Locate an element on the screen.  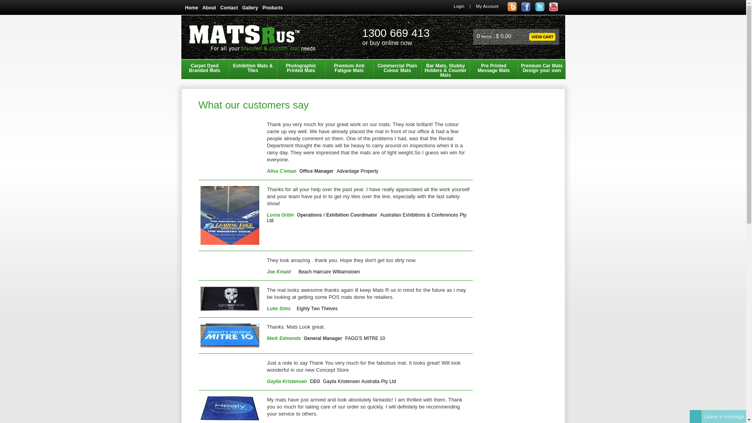
'About' is located at coordinates (211, 7).